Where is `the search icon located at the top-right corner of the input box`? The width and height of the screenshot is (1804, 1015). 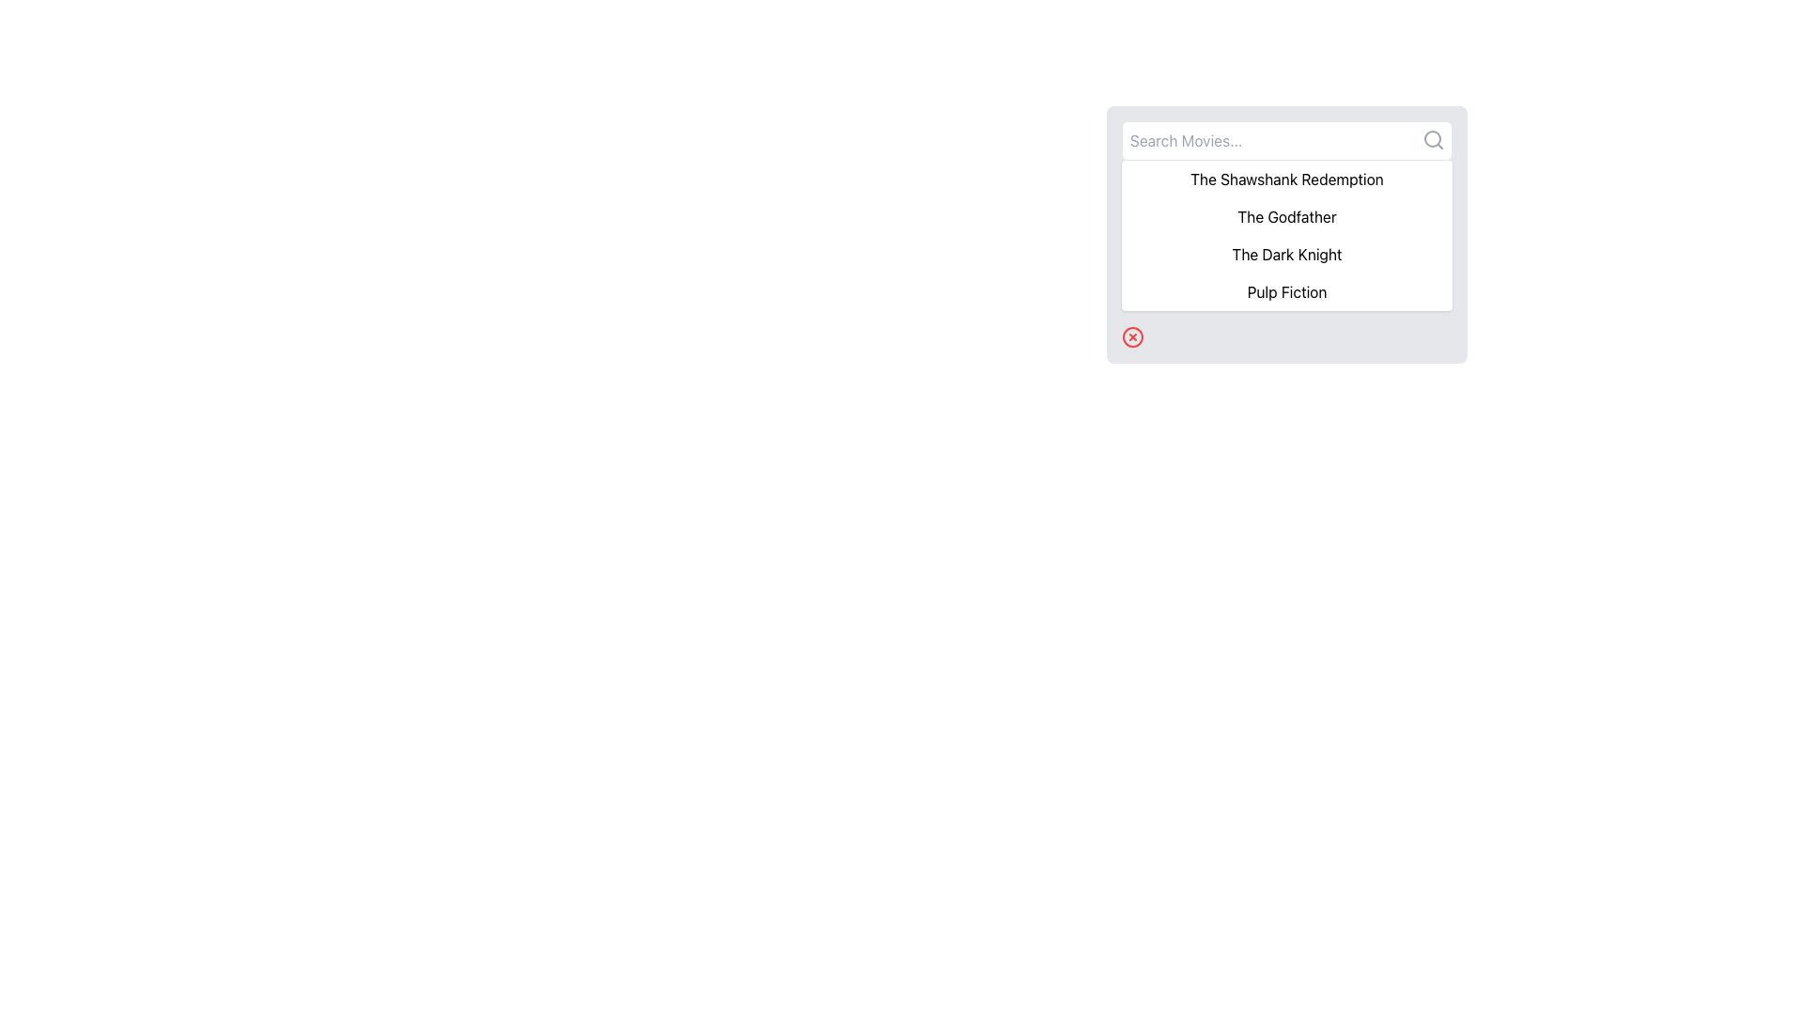
the search icon located at the top-right corner of the input box is located at coordinates (1433, 139).